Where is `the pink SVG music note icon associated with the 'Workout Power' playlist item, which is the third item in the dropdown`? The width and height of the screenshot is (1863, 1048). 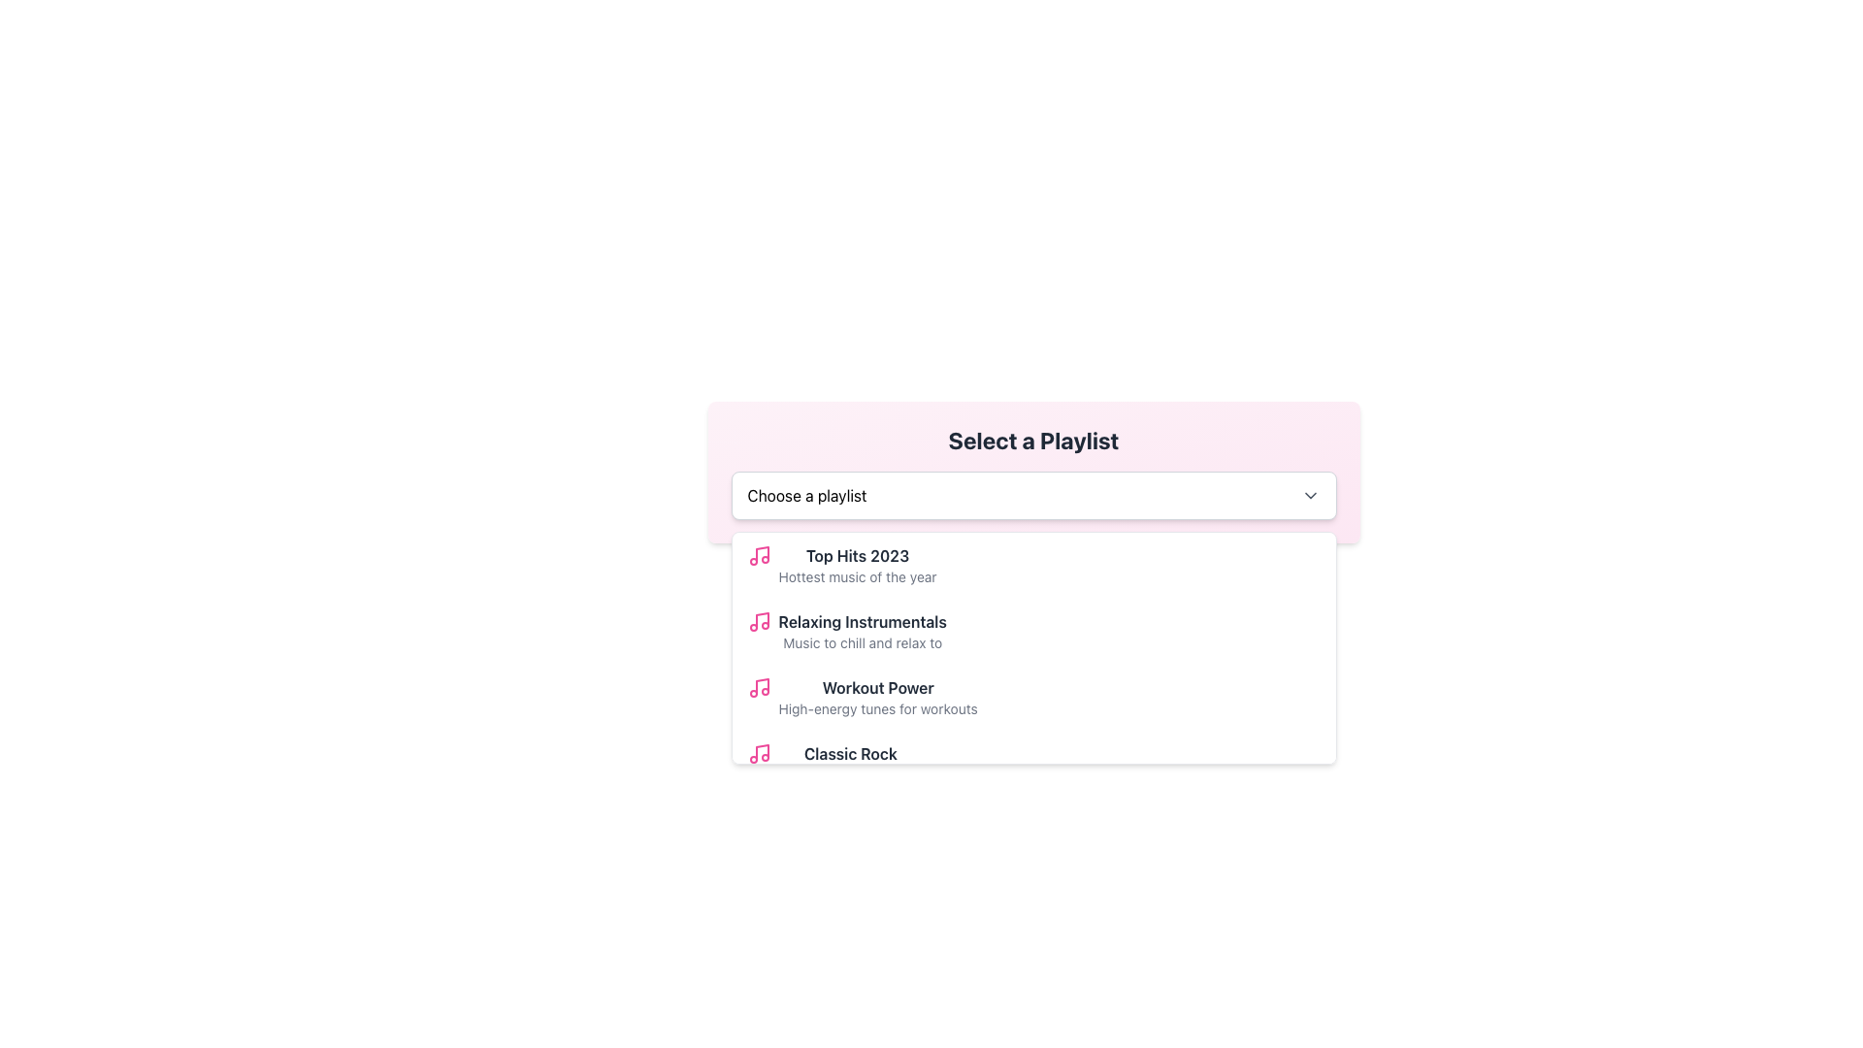
the pink SVG music note icon associated with the 'Workout Power' playlist item, which is the third item in the dropdown is located at coordinates (758, 687).